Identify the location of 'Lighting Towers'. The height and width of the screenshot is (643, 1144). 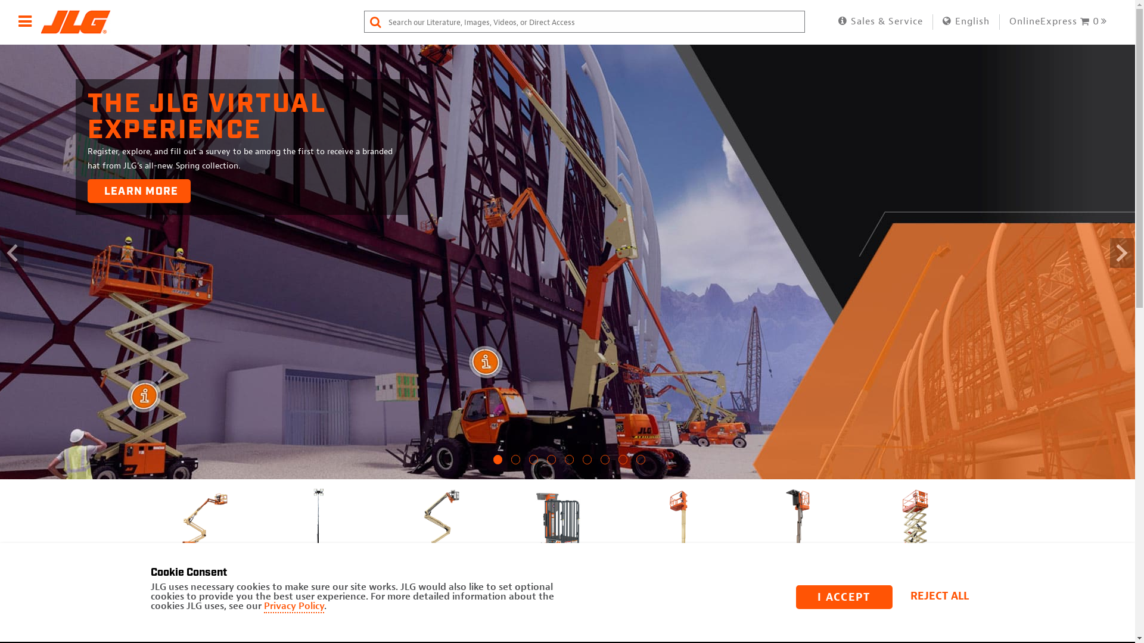
(268, 529).